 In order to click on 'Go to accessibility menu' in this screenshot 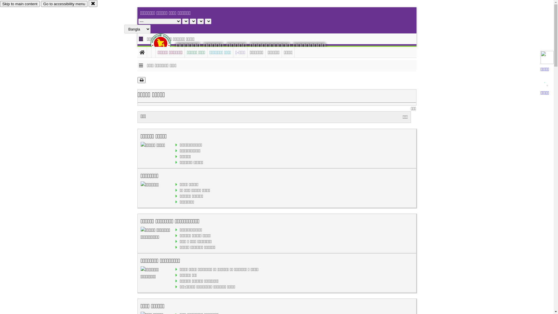, I will do `click(64, 4)`.